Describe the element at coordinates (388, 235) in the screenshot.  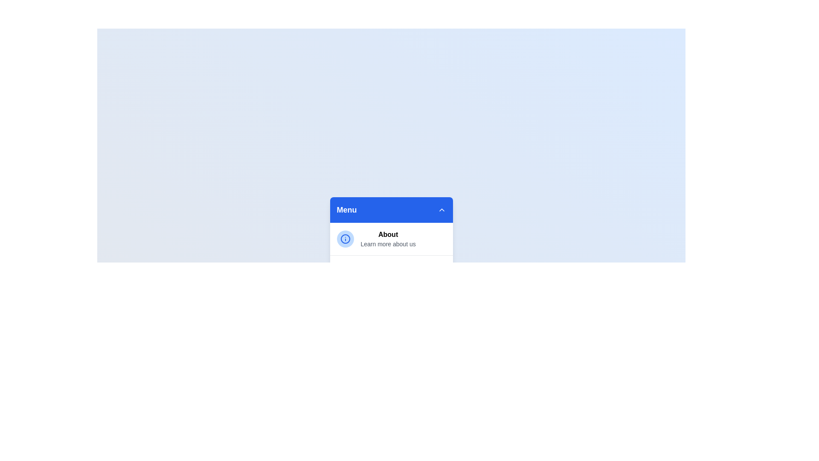
I see `the 'About' menu item in the menu` at that location.